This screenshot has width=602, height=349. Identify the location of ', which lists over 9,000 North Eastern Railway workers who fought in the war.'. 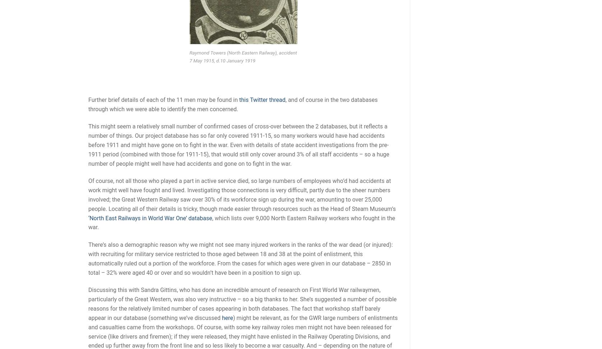
(88, 222).